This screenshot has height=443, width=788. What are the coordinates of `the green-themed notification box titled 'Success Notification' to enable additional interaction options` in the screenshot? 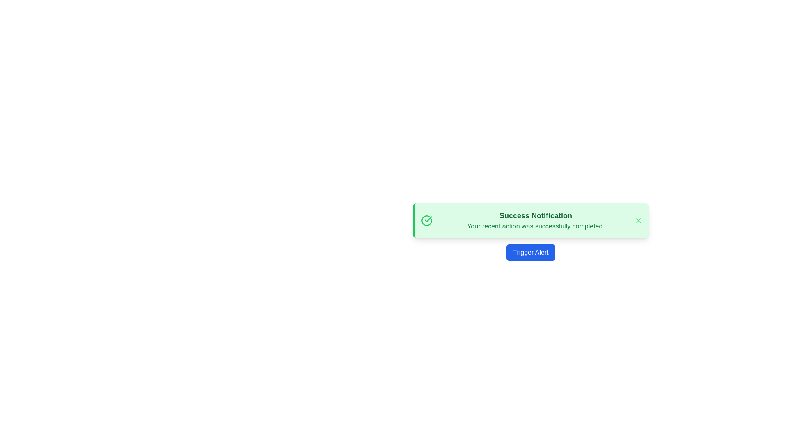 It's located at (531, 220).